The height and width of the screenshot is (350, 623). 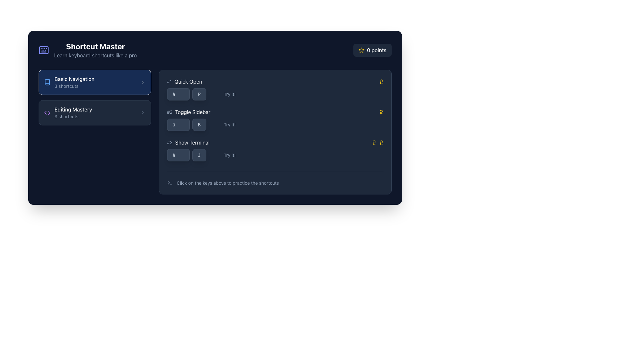 What do you see at coordinates (192, 112) in the screenshot?
I see `the text label reading 'Toggle Sidebar', which is styled with a white font color against a dark background and located in the section titled '#2'` at bounding box center [192, 112].